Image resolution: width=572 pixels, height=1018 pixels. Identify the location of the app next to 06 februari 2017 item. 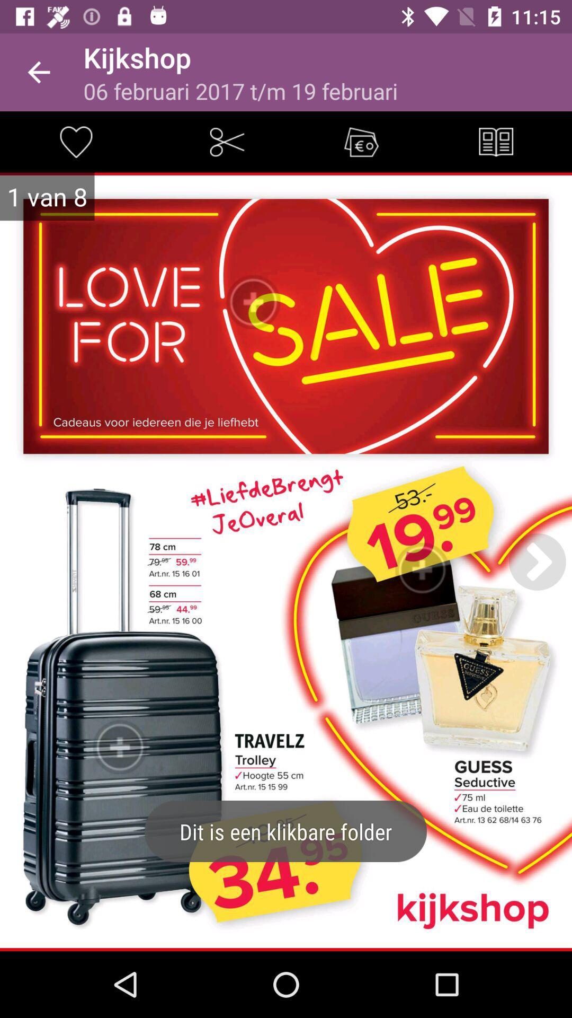
(496, 141).